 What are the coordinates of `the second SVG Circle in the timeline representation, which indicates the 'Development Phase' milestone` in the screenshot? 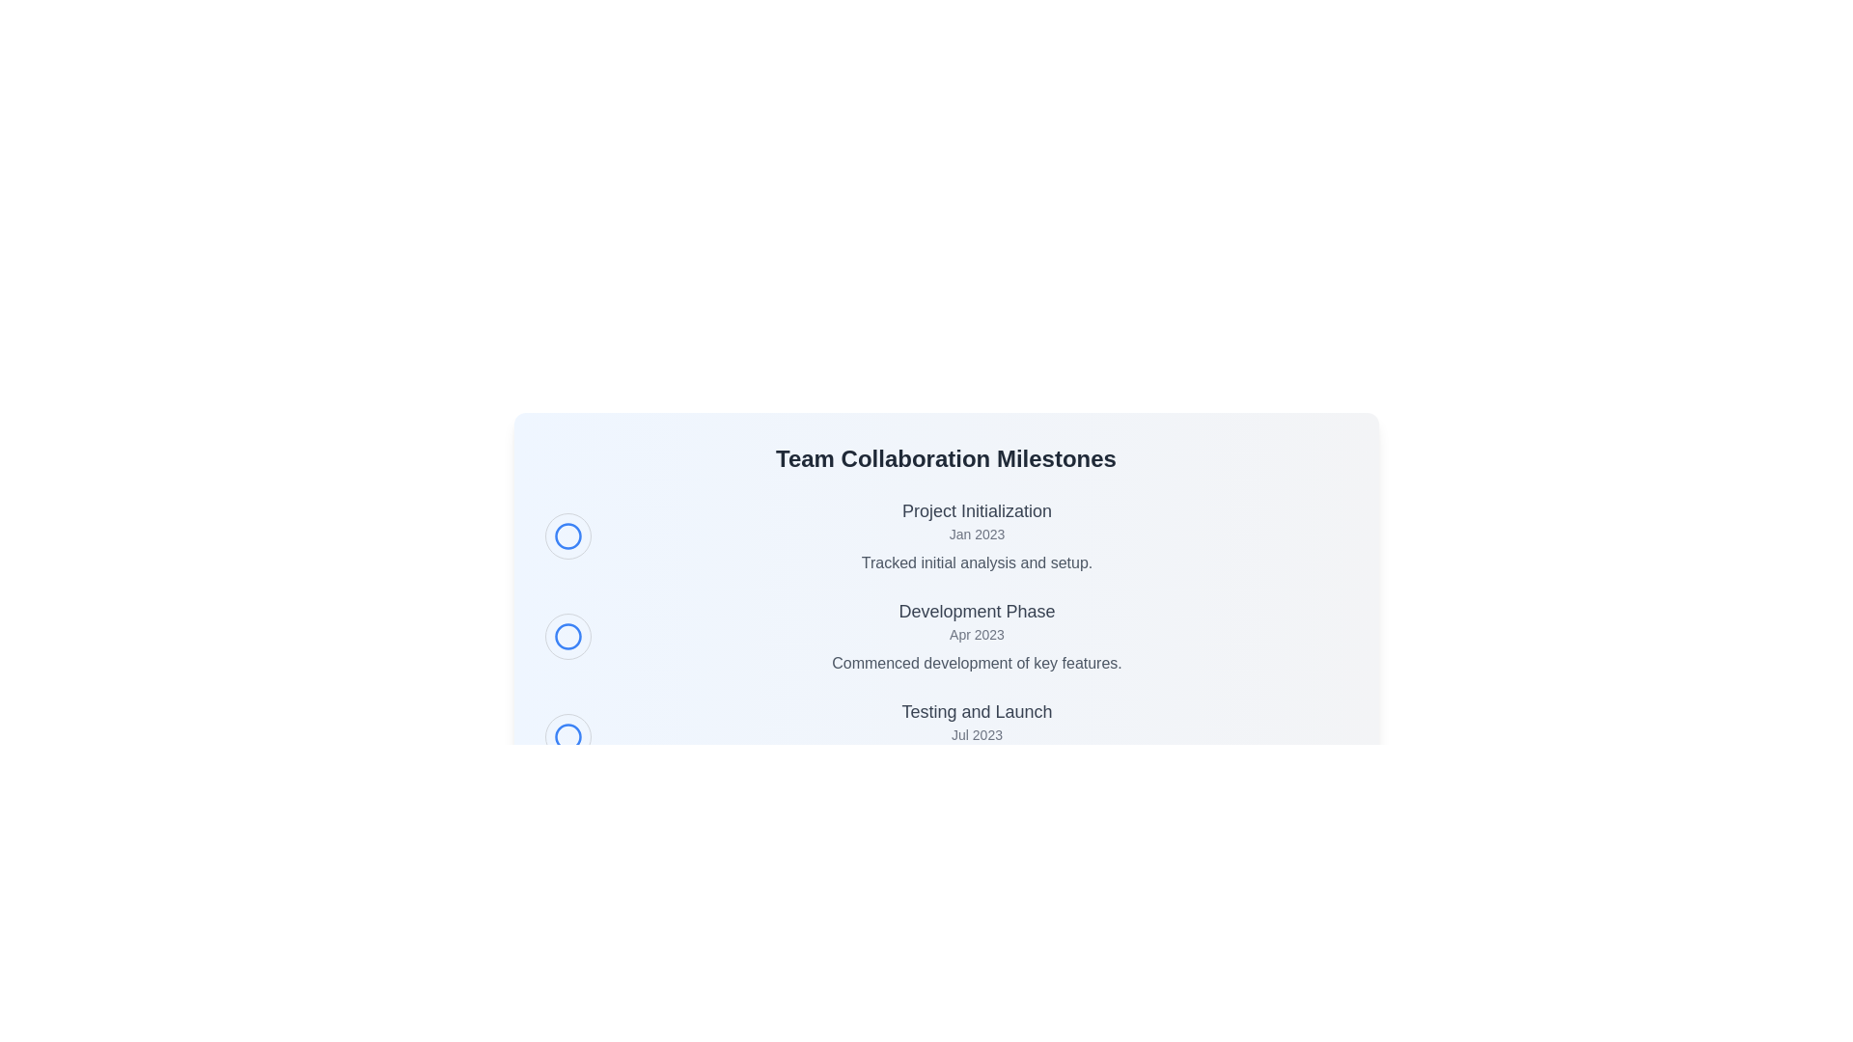 It's located at (567, 636).